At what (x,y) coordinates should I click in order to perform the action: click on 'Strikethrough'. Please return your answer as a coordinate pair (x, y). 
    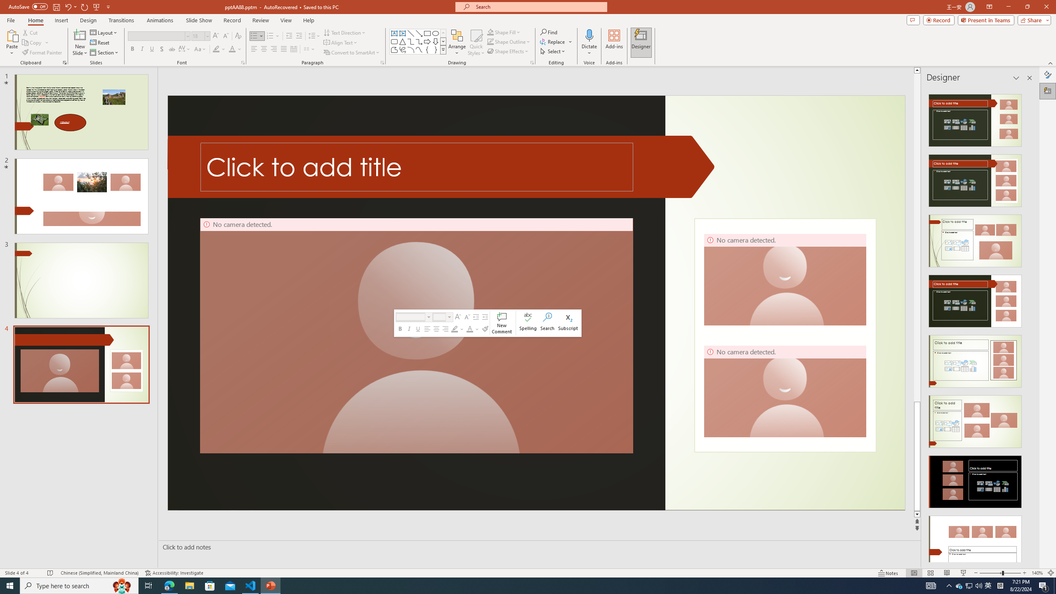
    Looking at the image, I should click on (172, 49).